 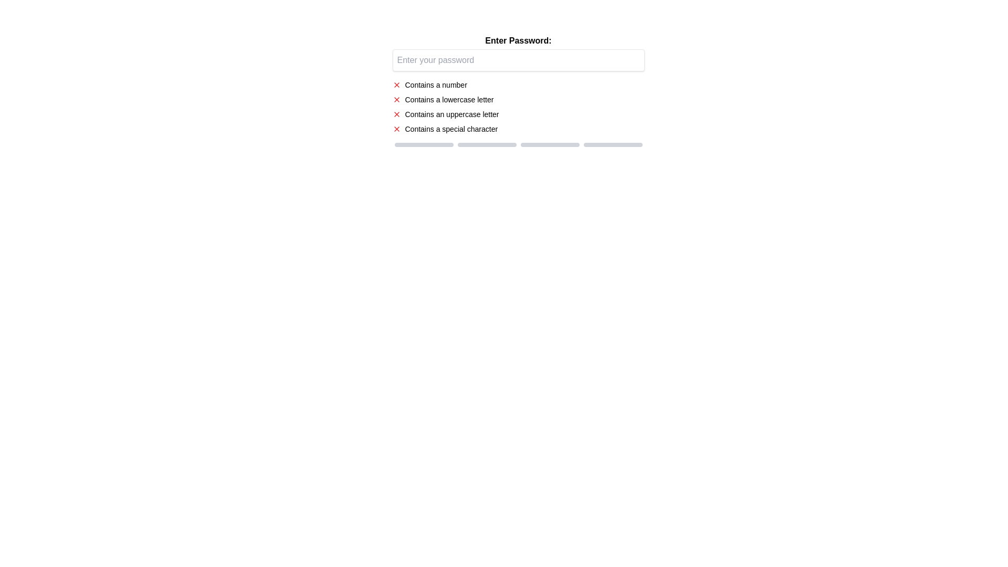 What do you see at coordinates (451, 114) in the screenshot?
I see `informational text about the requirement for including at least one uppercase letter in a password, which is the third item in the list of password criteria` at bounding box center [451, 114].